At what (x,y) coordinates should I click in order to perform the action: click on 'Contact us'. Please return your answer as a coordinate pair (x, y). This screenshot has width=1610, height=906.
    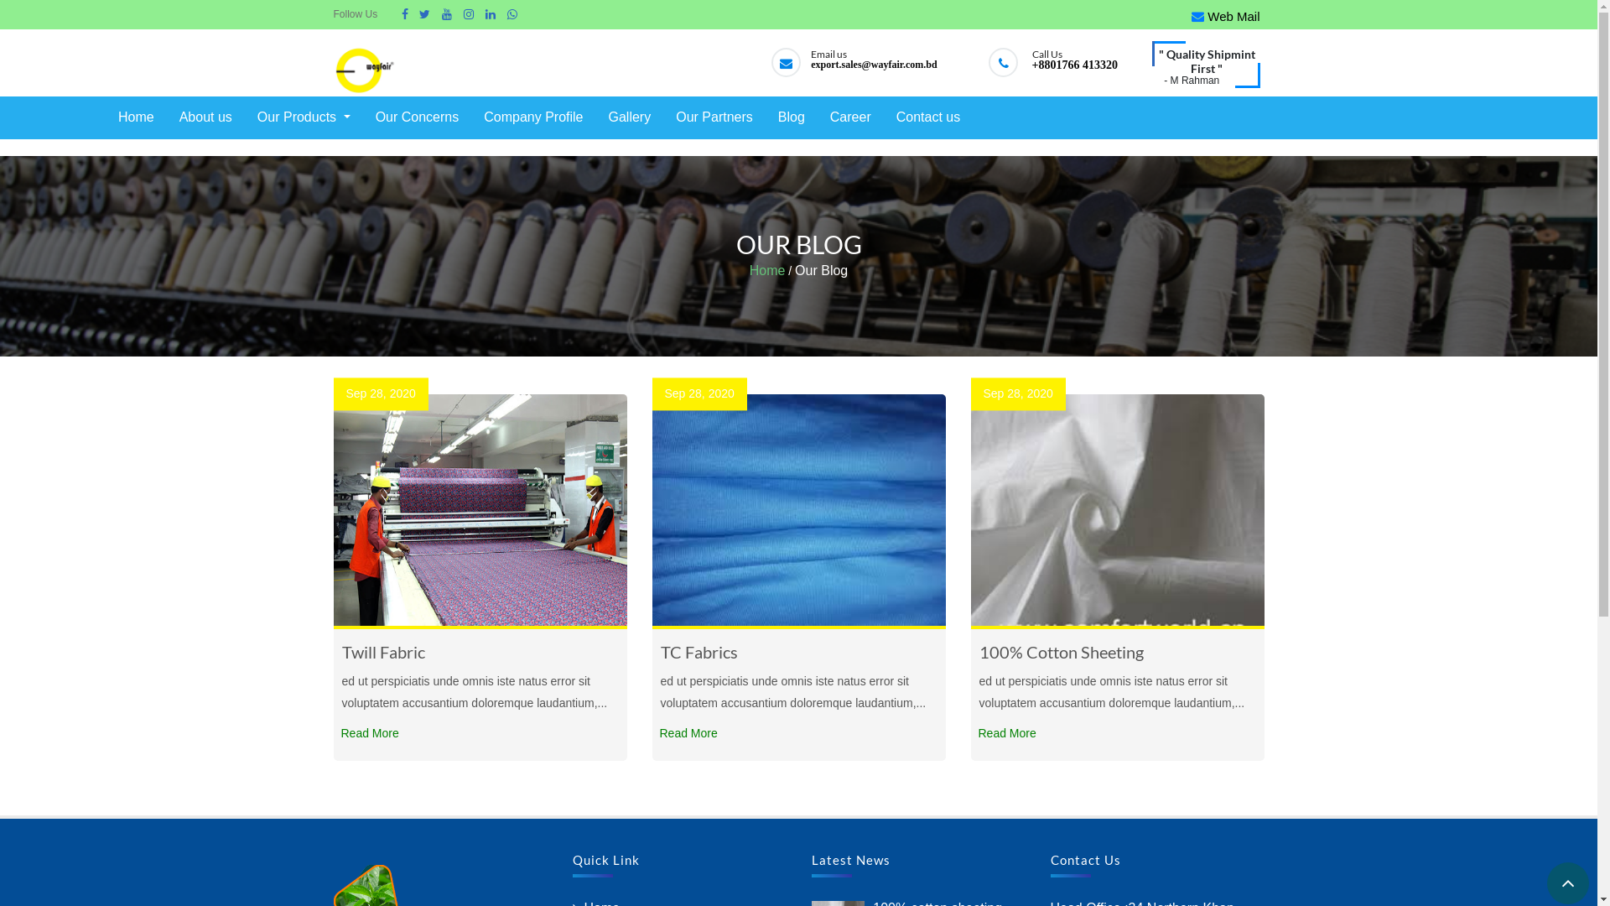
    Looking at the image, I should click on (927, 117).